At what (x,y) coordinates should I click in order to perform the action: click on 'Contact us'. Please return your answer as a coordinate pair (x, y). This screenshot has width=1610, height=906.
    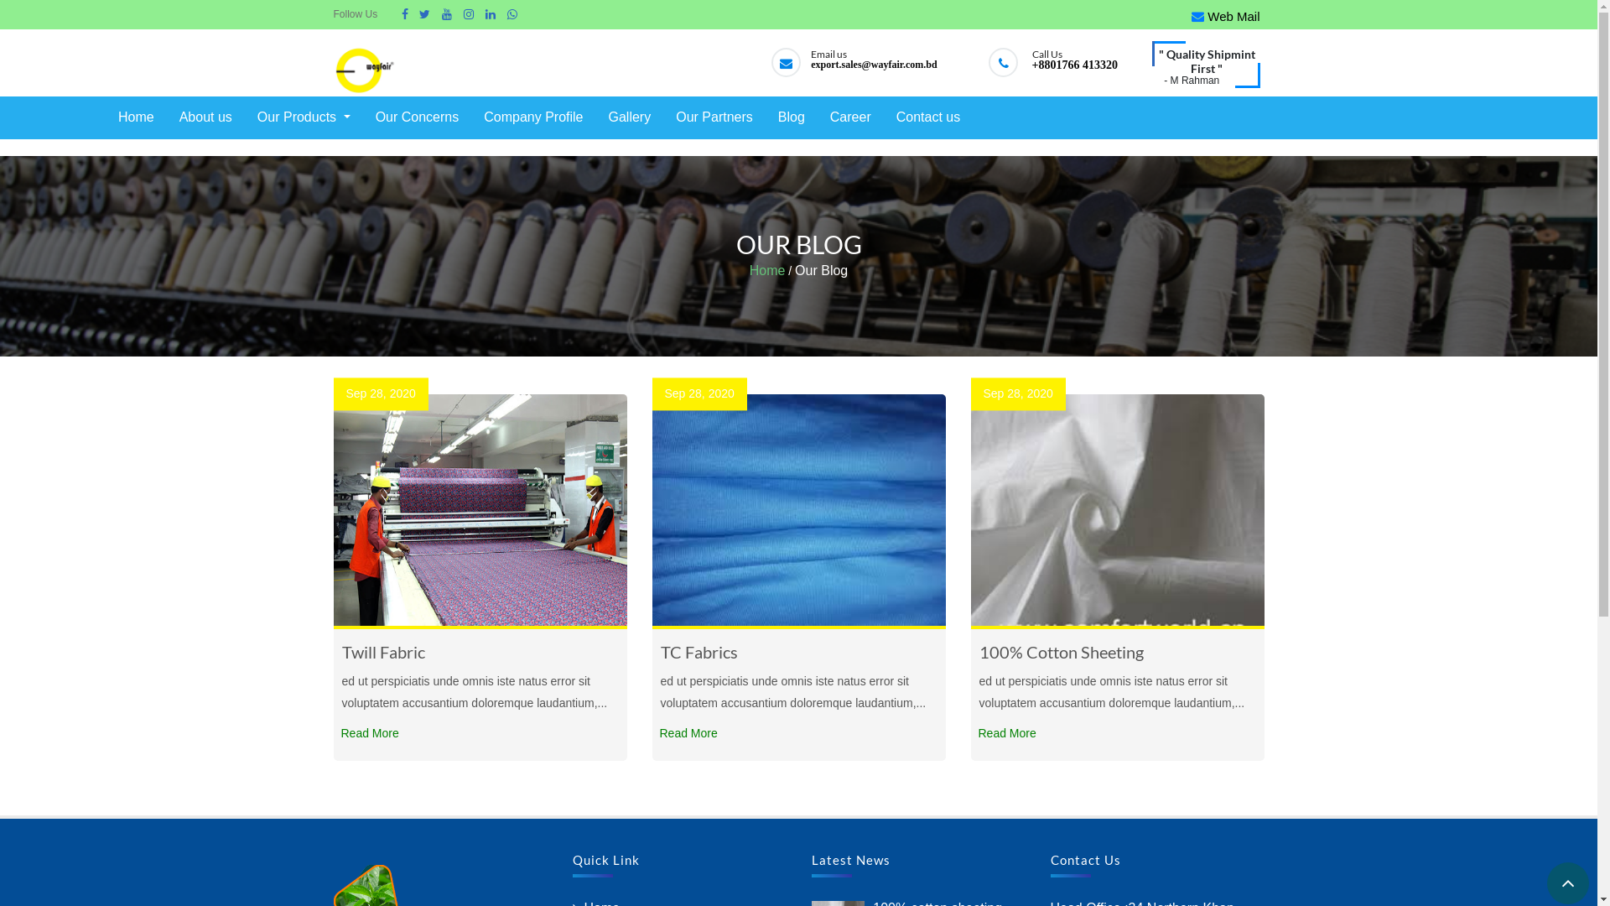
    Looking at the image, I should click on (927, 117).